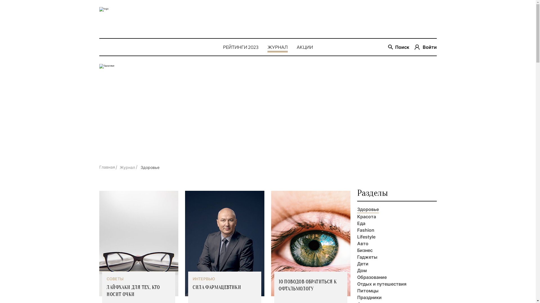 The height and width of the screenshot is (303, 540). Describe the element at coordinates (366, 230) in the screenshot. I see `'Fashion'` at that location.